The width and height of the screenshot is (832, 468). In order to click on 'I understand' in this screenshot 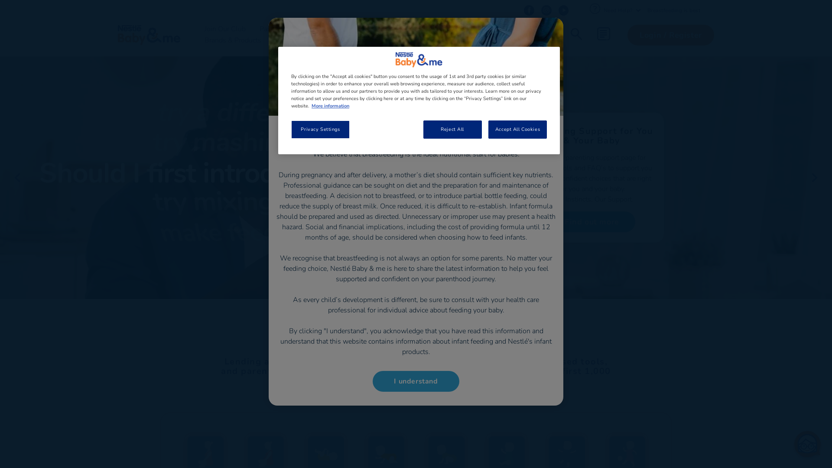, I will do `click(416, 380)`.